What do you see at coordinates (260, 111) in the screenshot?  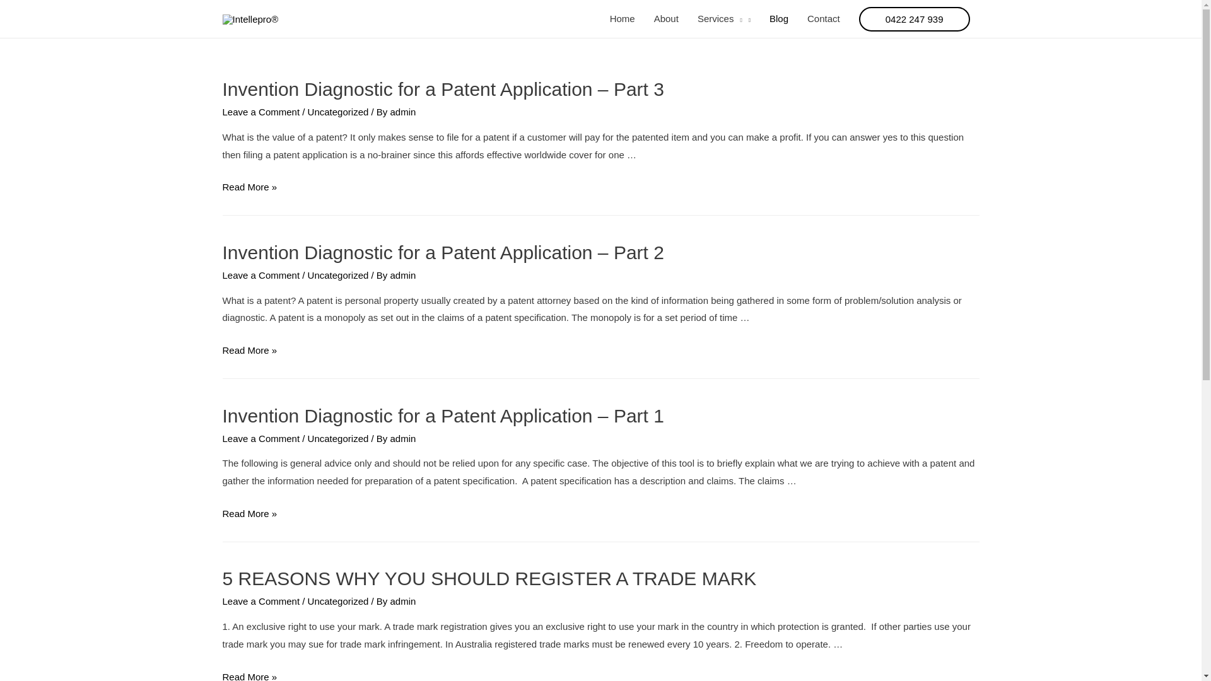 I see `'Leave a Comment'` at bounding box center [260, 111].